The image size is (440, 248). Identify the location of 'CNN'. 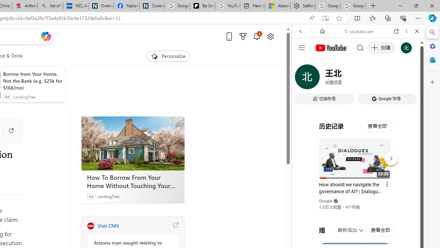
(90, 226).